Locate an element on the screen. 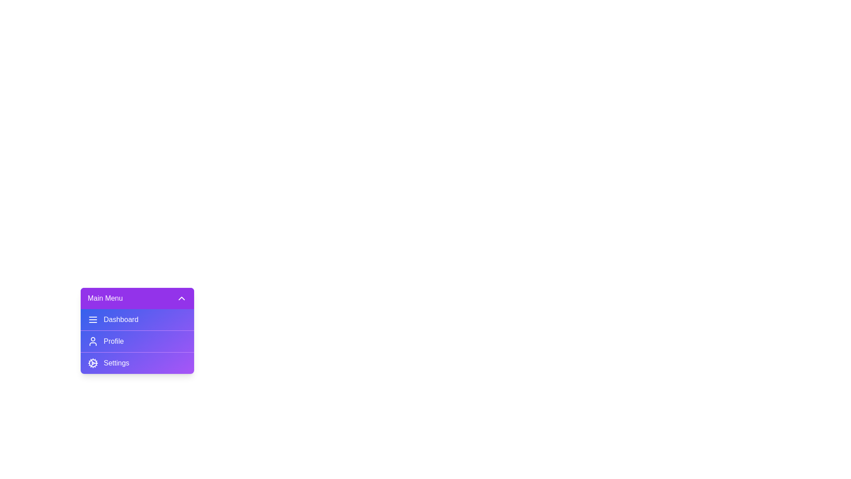 This screenshot has width=851, height=479. the profile button, which is the second item in the vertical menu under 'Main Menu', located between 'Dashboard' and 'Settings' is located at coordinates (137, 341).